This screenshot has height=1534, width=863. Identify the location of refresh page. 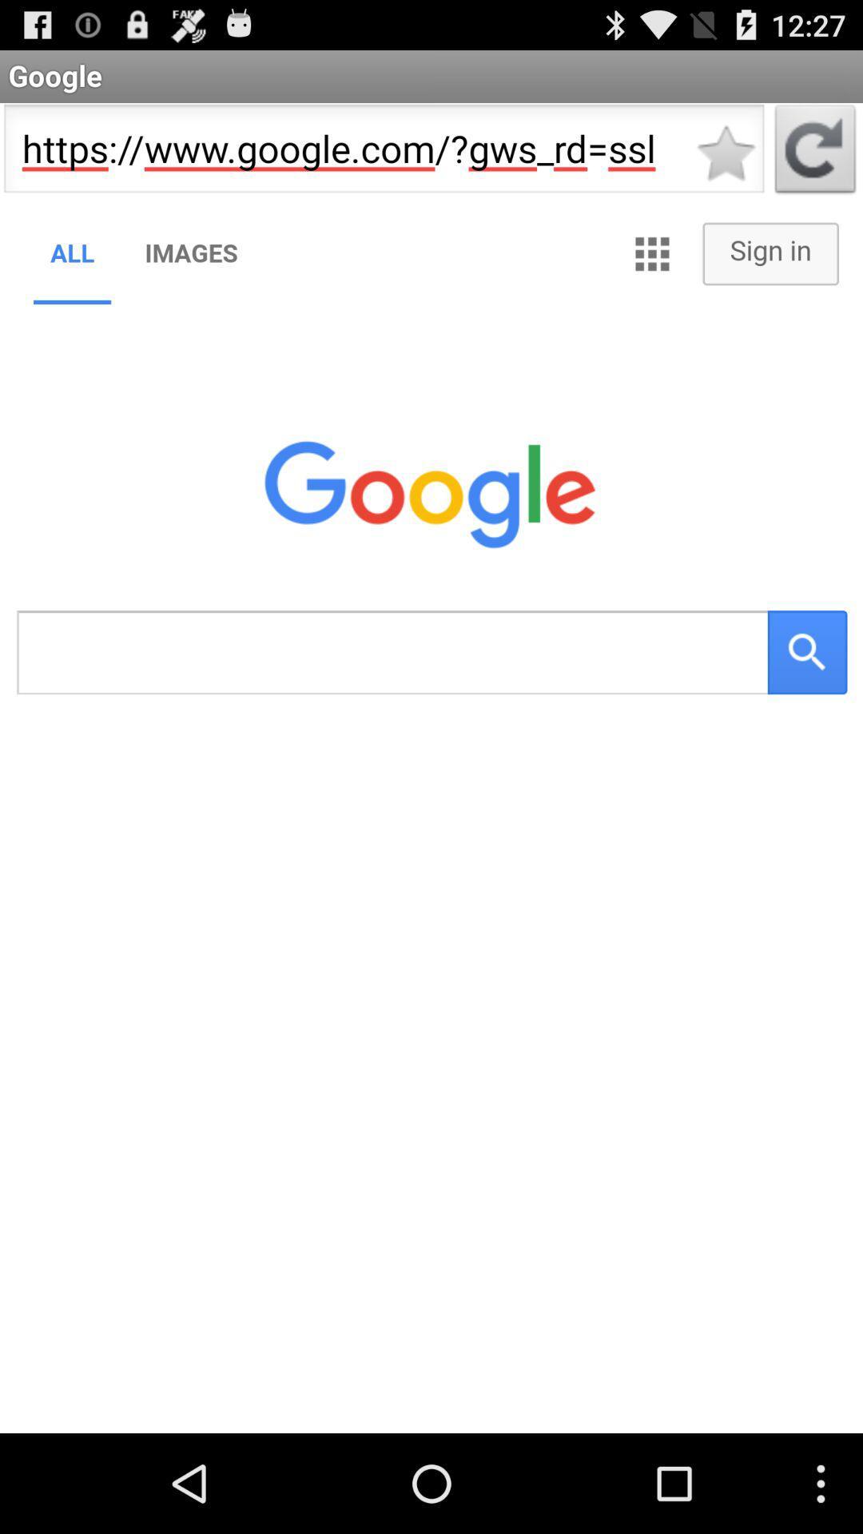
(815, 153).